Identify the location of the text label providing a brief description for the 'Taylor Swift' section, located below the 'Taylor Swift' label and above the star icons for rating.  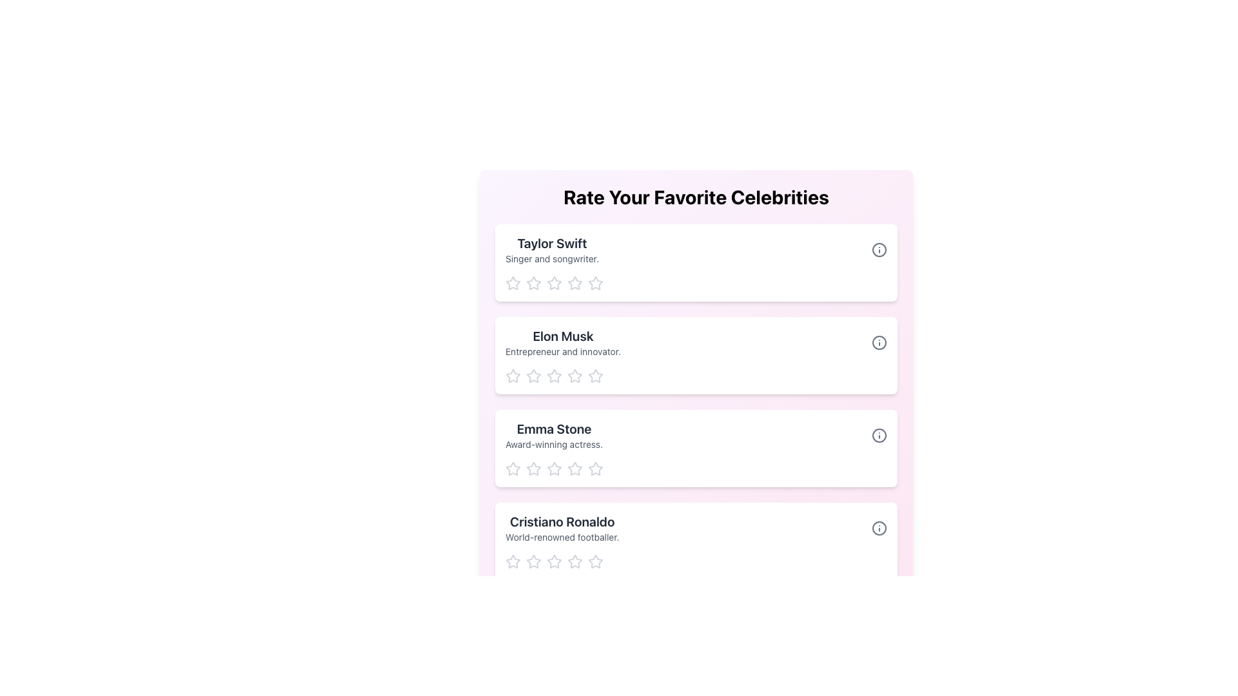
(552, 258).